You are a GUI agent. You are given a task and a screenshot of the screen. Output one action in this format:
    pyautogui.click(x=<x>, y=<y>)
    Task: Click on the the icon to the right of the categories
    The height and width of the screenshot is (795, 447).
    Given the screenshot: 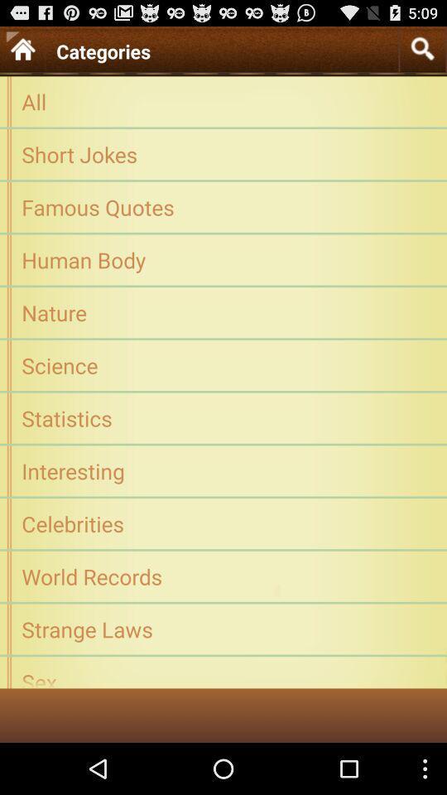 What is the action you would take?
    pyautogui.click(x=422, y=48)
    